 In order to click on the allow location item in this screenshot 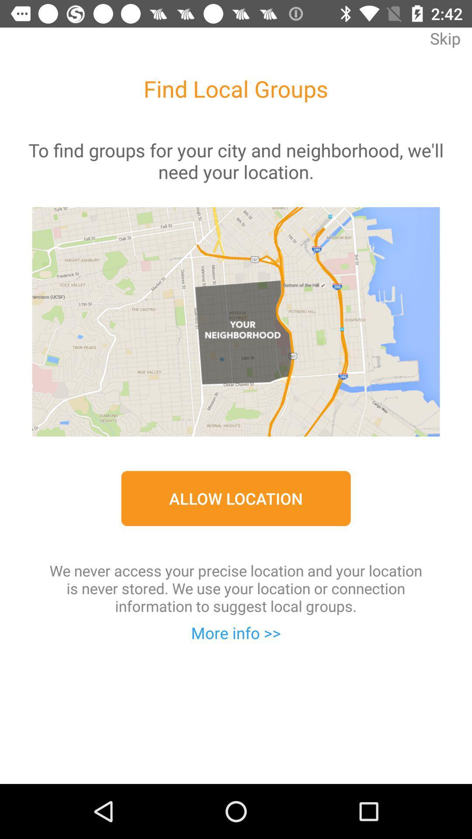, I will do `click(236, 498)`.